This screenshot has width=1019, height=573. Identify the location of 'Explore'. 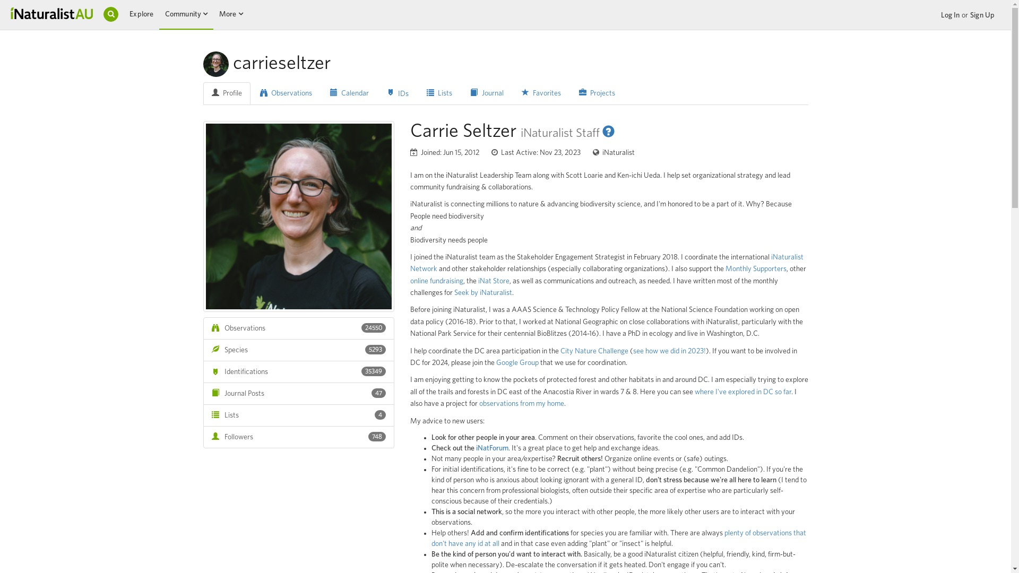
(141, 14).